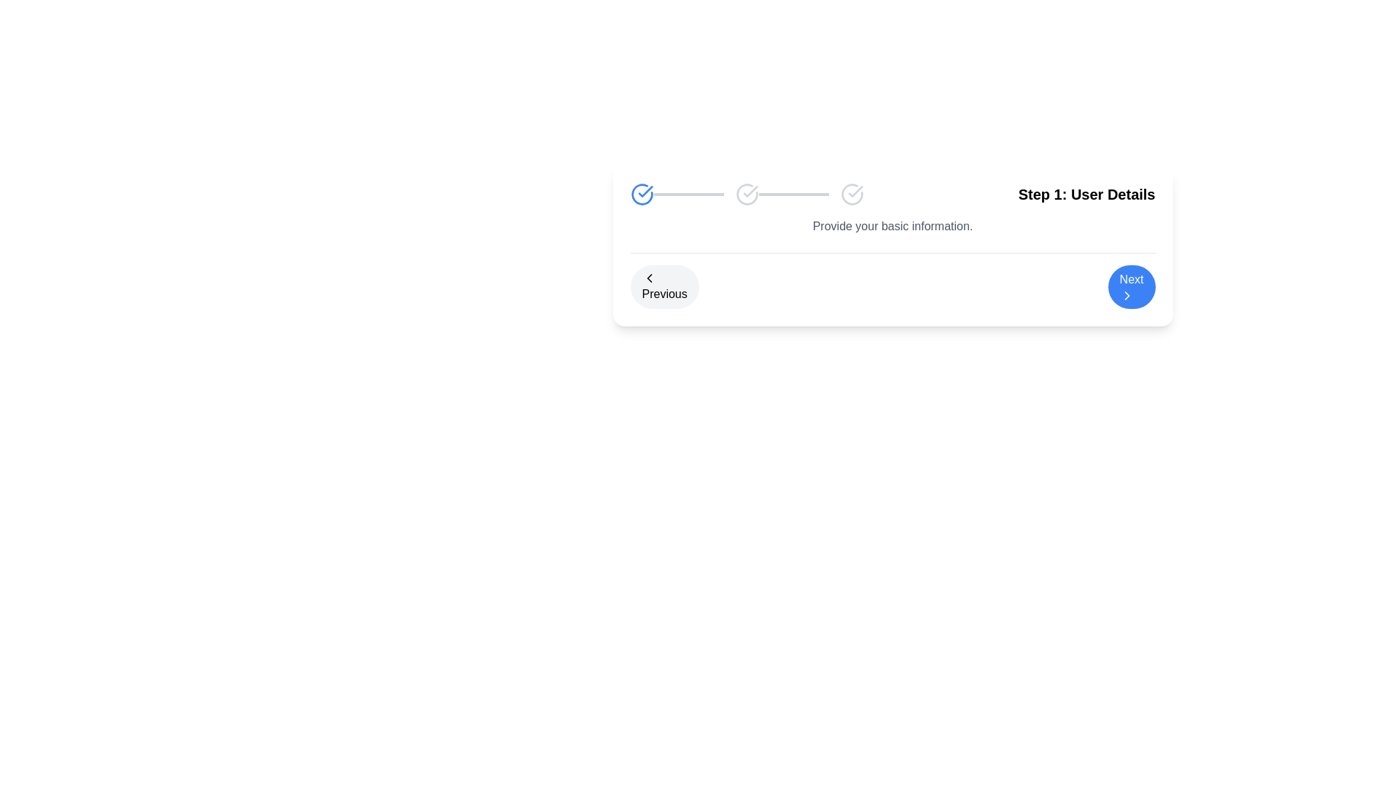 The image size is (1400, 787). What do you see at coordinates (1126, 295) in the screenshot?
I see `the chevron icon inside the 'Next' button located at the bottom-right corner of the stepper UI to possibly reveal additional information or effects` at bounding box center [1126, 295].